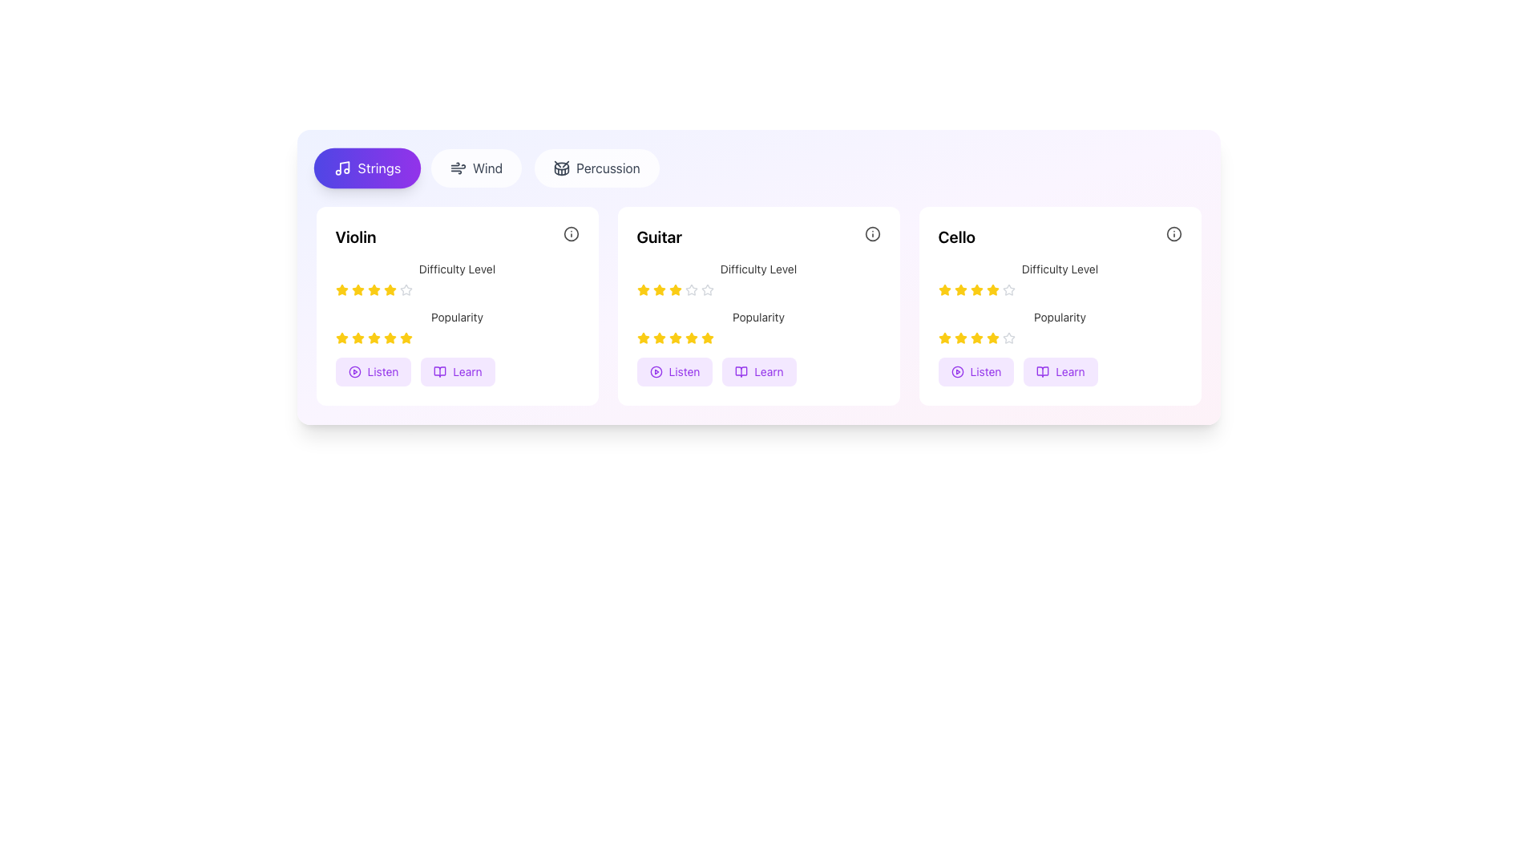  Describe the element at coordinates (758, 371) in the screenshot. I see `the interactive button located to the right of the 'Listen' button under the 'Guitar' section` at that location.